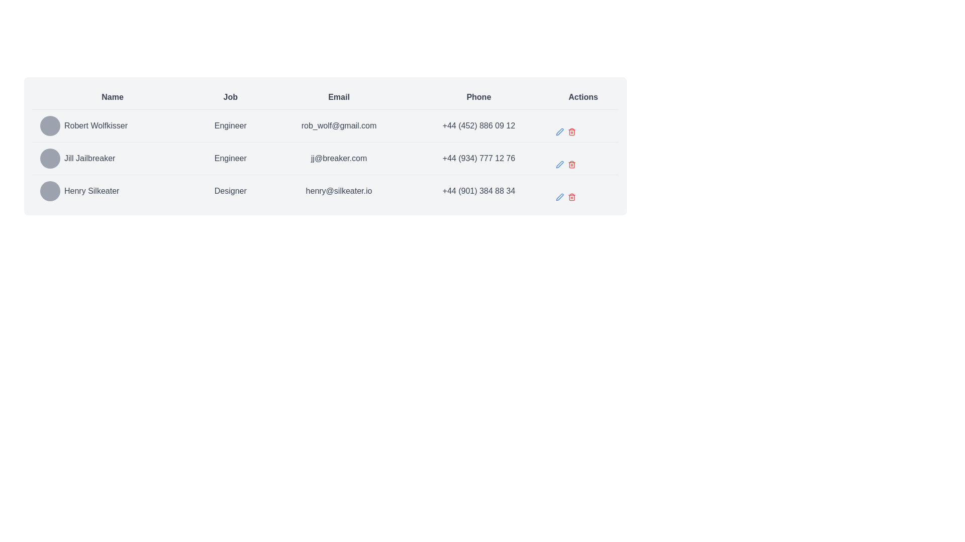  Describe the element at coordinates (478, 158) in the screenshot. I see `the text label displaying the phone number '+44 (934) 777 12 76', which is the fourth data item in the row for 'Jill Jailbreaker', located between the email address and action icons in the 'Phone' column` at that location.